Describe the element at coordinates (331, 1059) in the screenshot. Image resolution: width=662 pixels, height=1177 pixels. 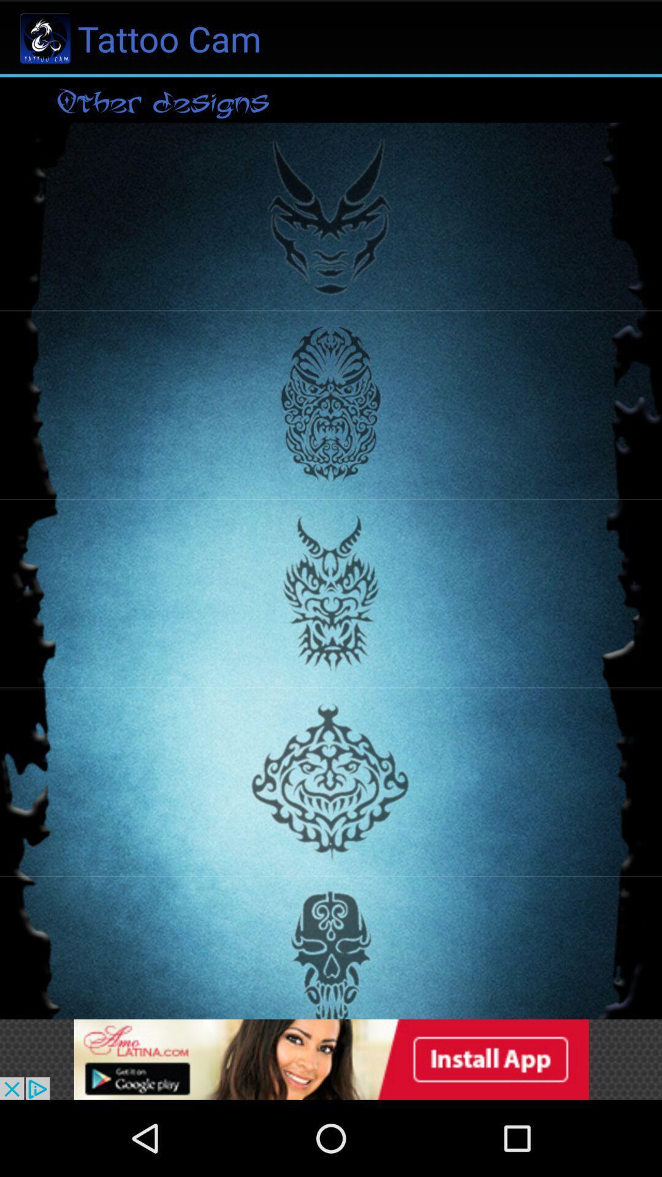
I see `icone` at that location.